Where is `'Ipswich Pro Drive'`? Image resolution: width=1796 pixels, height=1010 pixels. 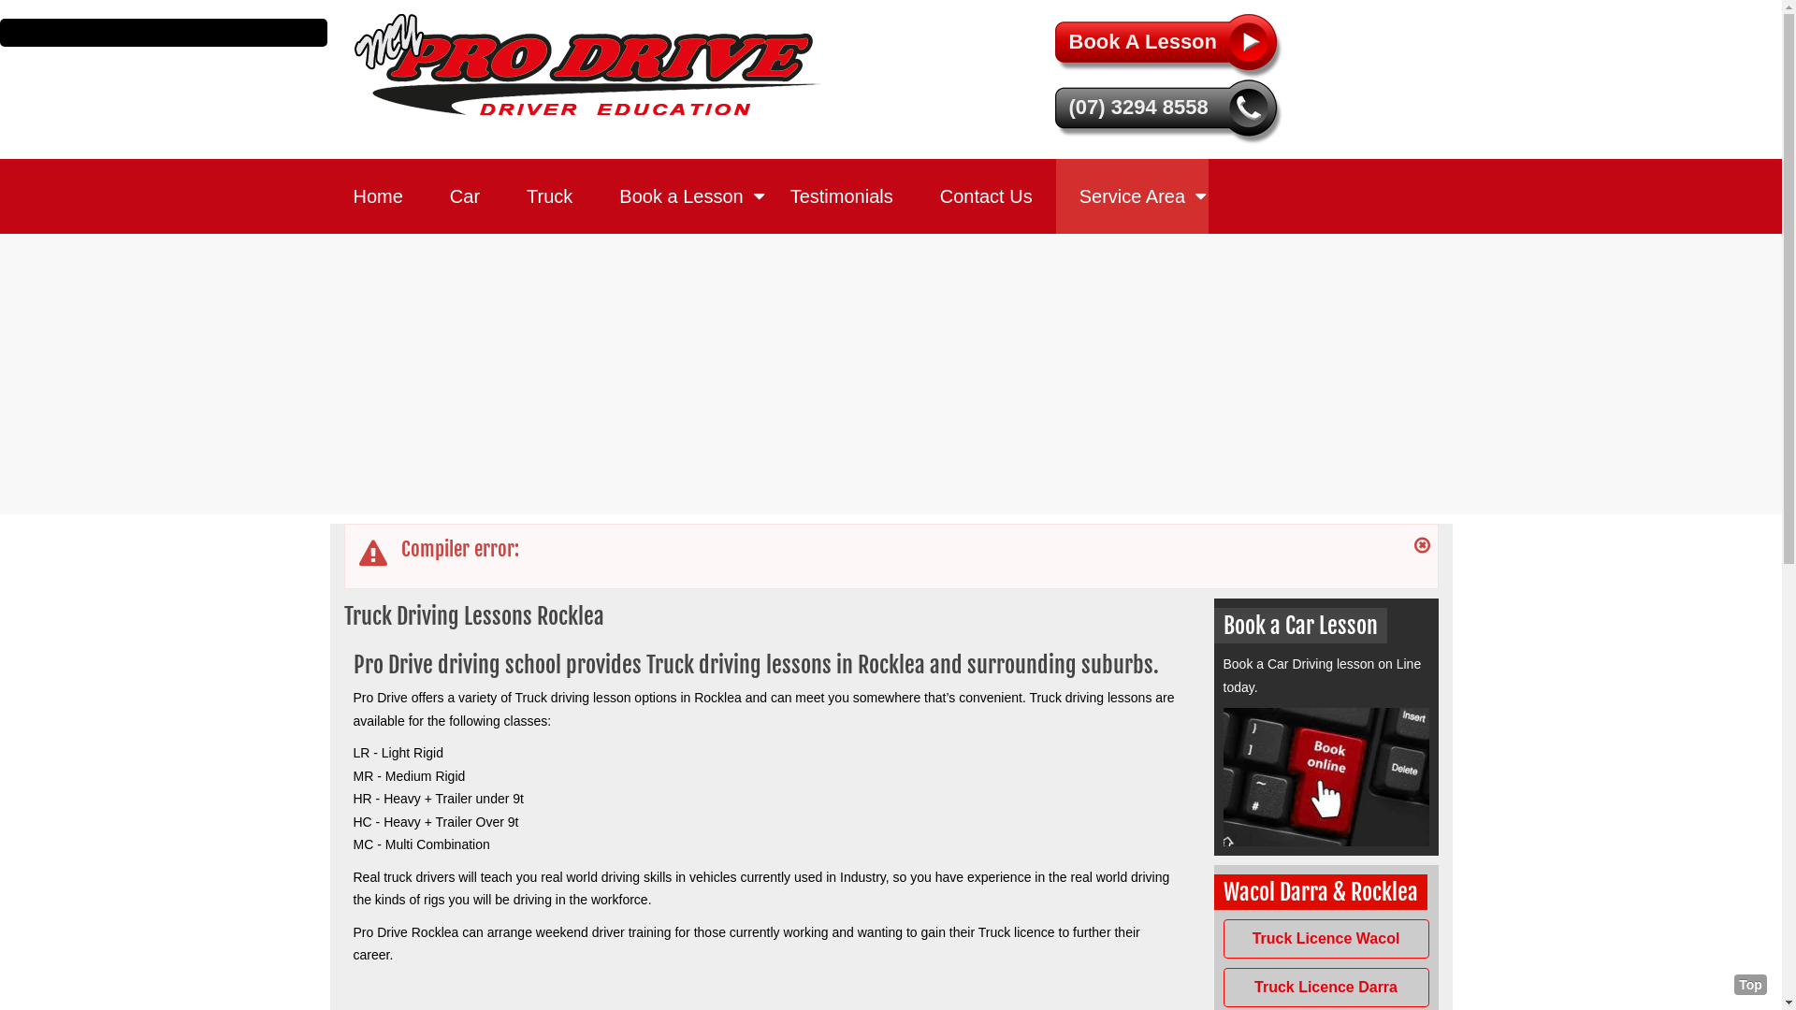 'Ipswich Pro Drive' is located at coordinates (587, 63).